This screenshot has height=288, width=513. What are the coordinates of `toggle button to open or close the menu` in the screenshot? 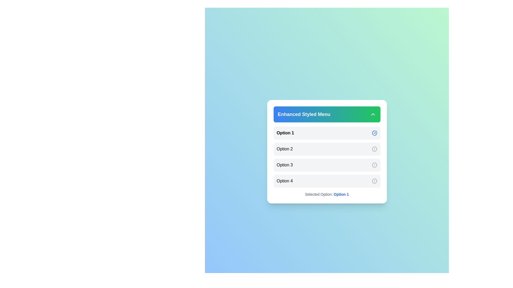 It's located at (372, 114).